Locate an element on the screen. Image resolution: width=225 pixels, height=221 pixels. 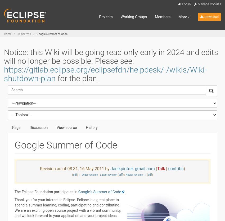
'https://gitlab.eclipse.org/eclipsefdn/helpdesk/-/wikis/Wiki-shutdown-plan' is located at coordinates (105, 74).